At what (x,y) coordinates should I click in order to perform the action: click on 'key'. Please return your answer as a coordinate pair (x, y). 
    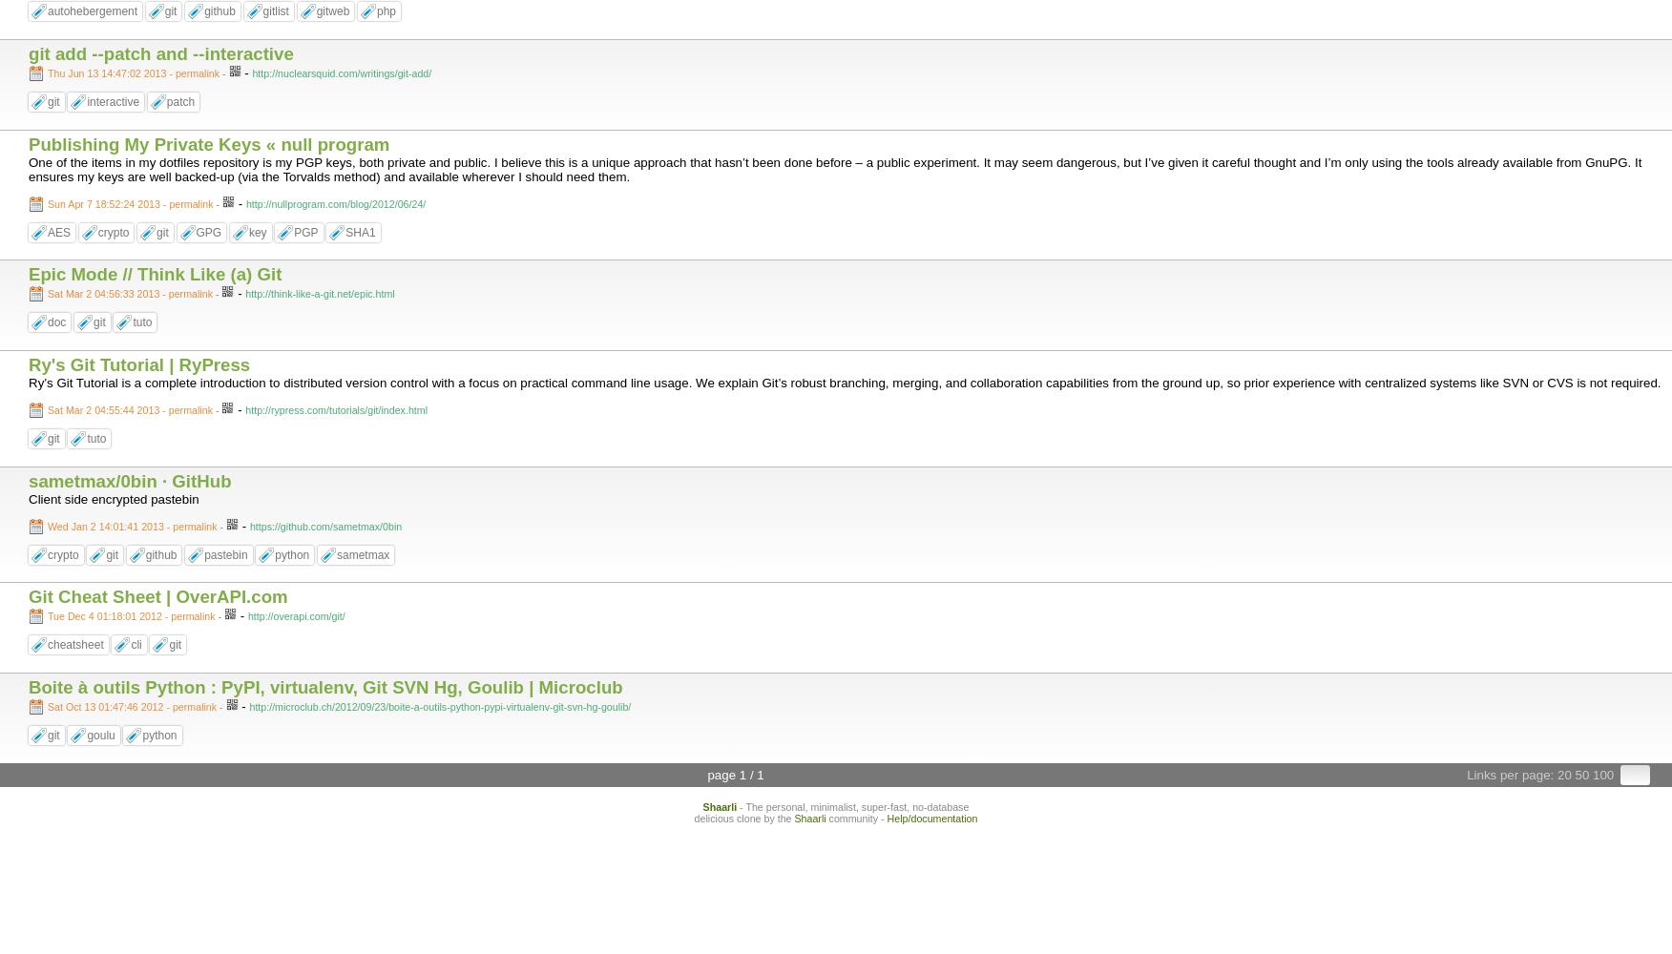
    Looking at the image, I should click on (256, 231).